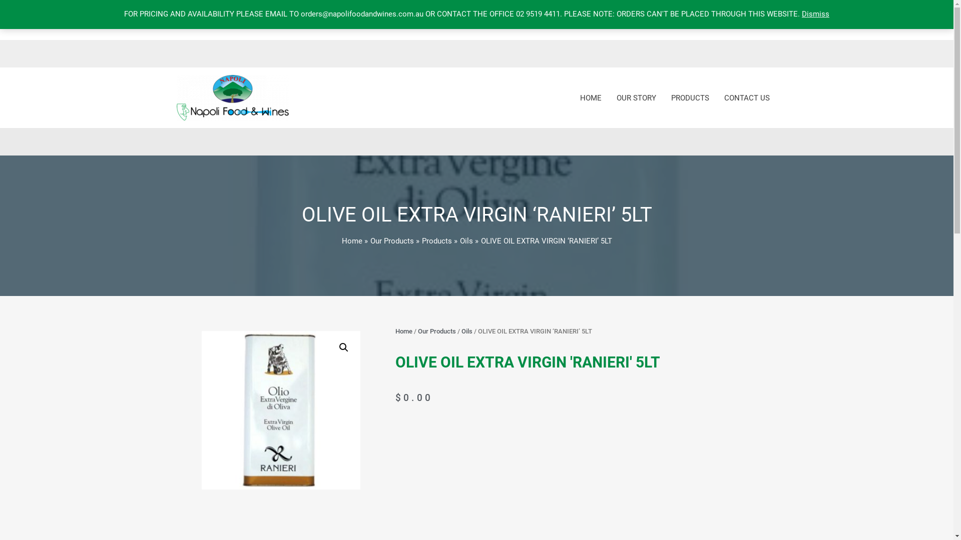 The width and height of the screenshot is (961, 540). Describe the element at coordinates (369, 241) in the screenshot. I see `'Our Products'` at that location.